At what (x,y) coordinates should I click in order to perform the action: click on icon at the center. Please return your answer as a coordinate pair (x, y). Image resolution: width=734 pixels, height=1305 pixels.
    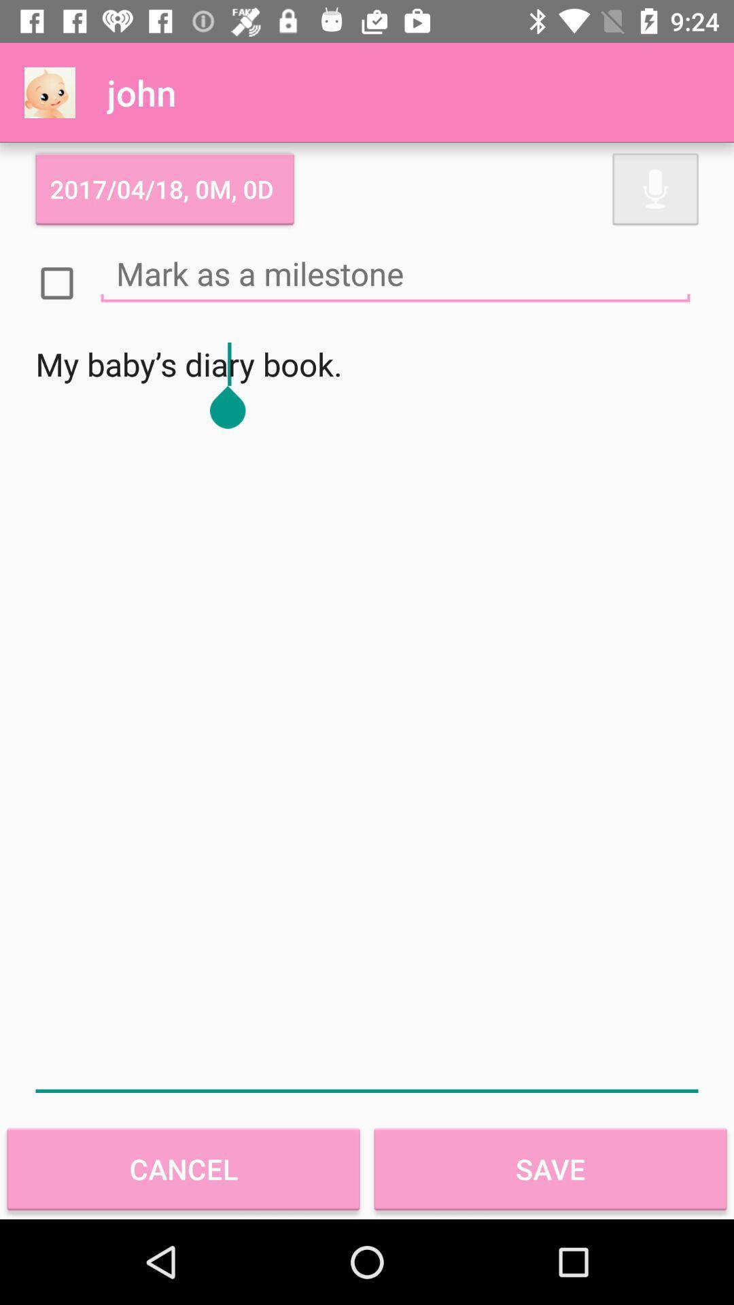
    Looking at the image, I should click on (367, 714).